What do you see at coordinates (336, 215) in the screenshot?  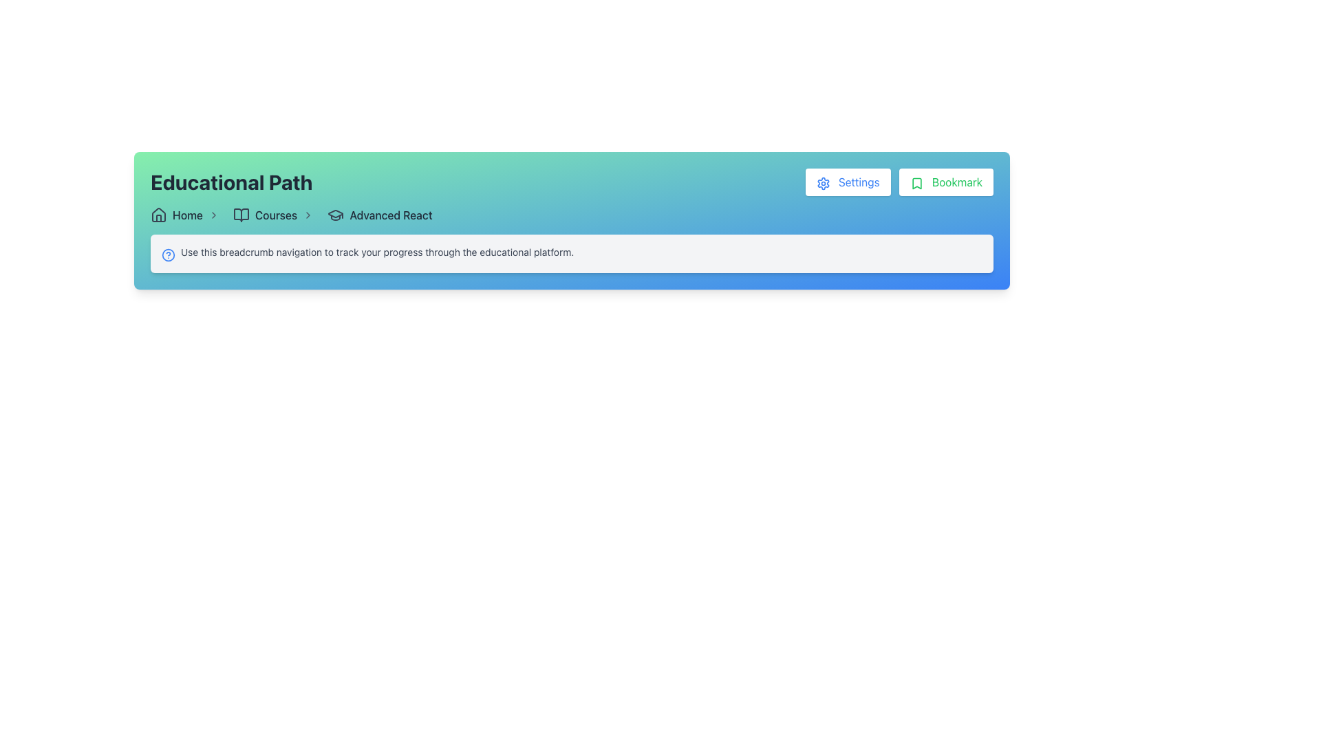 I see `the graduation cap icon that is dark gray in color and positioned to the left of the 'Advanced React' text within the breadcrumb navigation bar` at bounding box center [336, 215].